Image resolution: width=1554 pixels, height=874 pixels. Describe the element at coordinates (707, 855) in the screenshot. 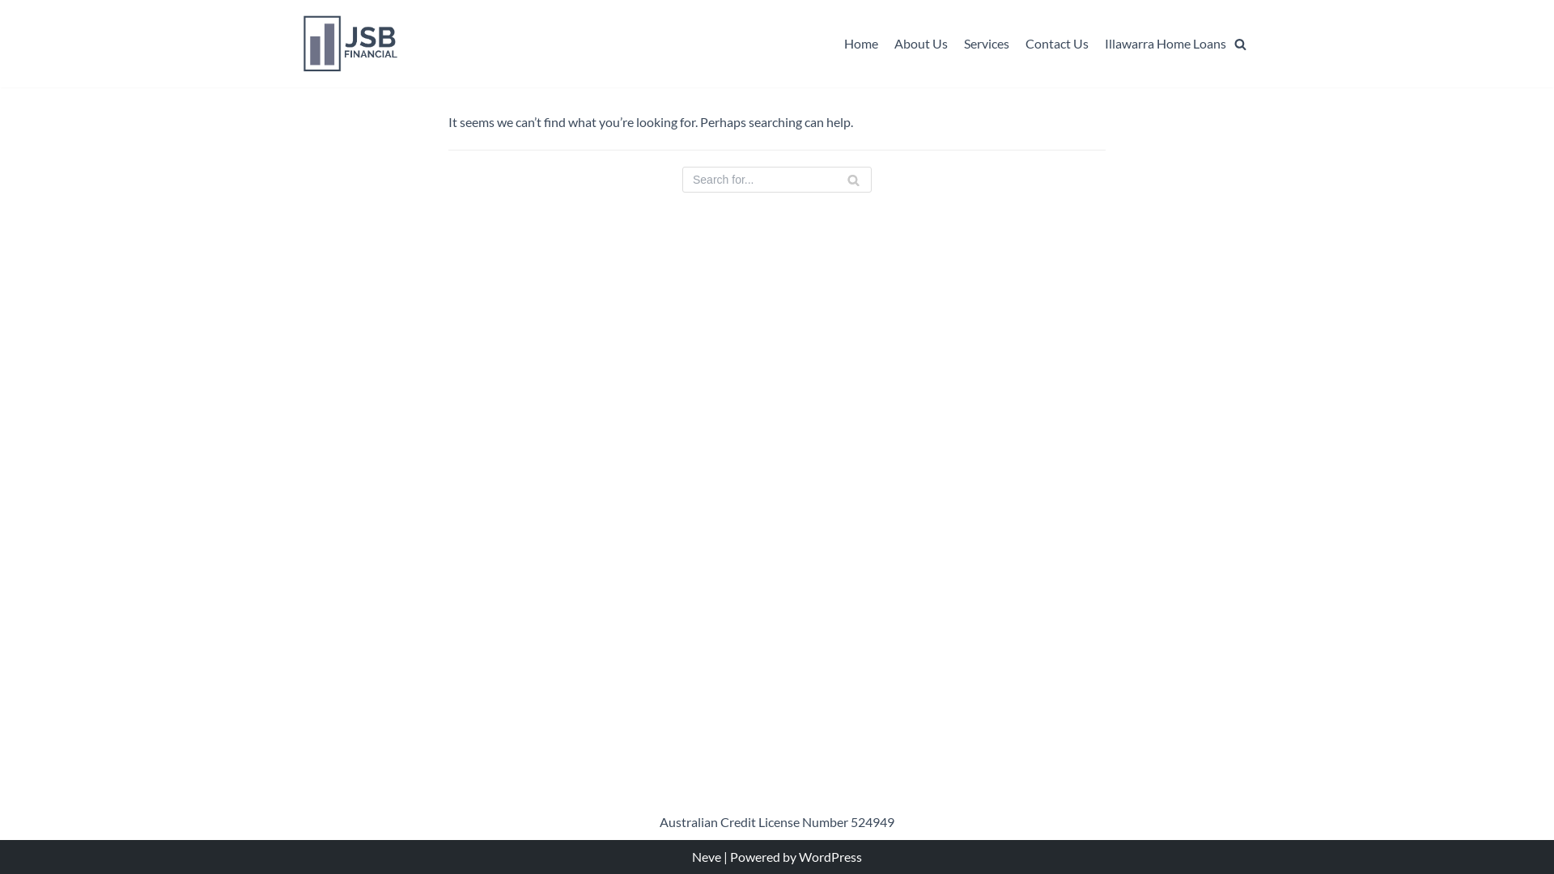

I see `'Neve'` at that location.